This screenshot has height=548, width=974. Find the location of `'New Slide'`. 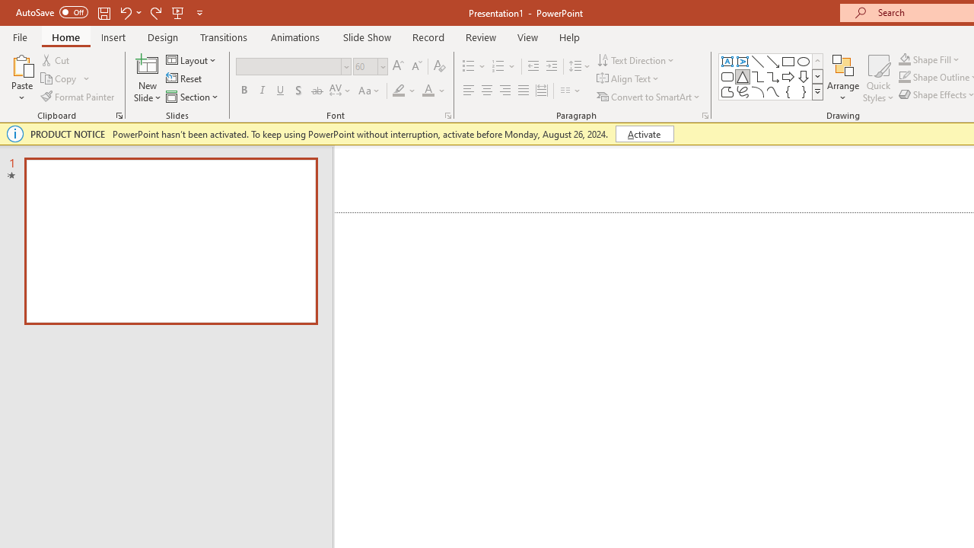

'New Slide' is located at coordinates (147, 64).